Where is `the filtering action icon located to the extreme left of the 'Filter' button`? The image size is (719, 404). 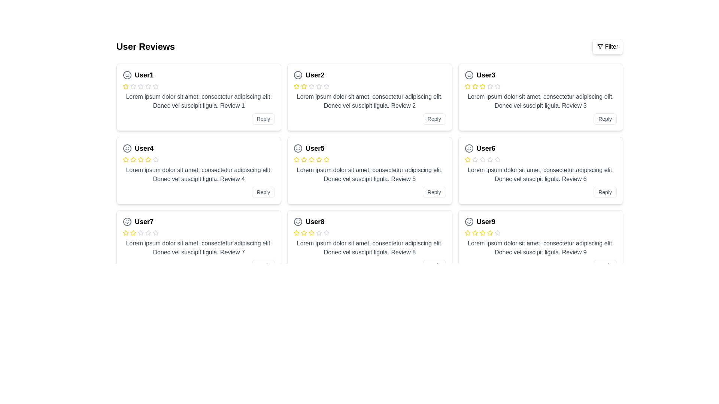 the filtering action icon located to the extreme left of the 'Filter' button is located at coordinates (600, 46).